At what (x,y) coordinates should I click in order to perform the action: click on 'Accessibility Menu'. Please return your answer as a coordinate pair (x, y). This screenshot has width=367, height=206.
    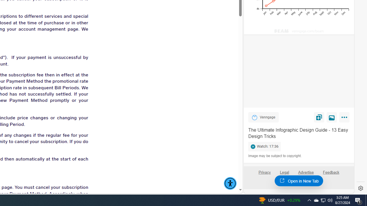
    Looking at the image, I should click on (230, 183).